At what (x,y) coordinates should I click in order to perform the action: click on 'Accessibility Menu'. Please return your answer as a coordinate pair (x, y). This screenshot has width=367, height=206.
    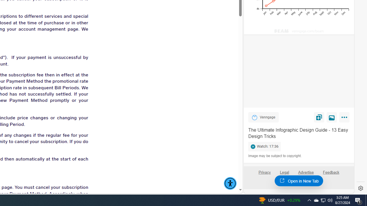
    Looking at the image, I should click on (230, 183).